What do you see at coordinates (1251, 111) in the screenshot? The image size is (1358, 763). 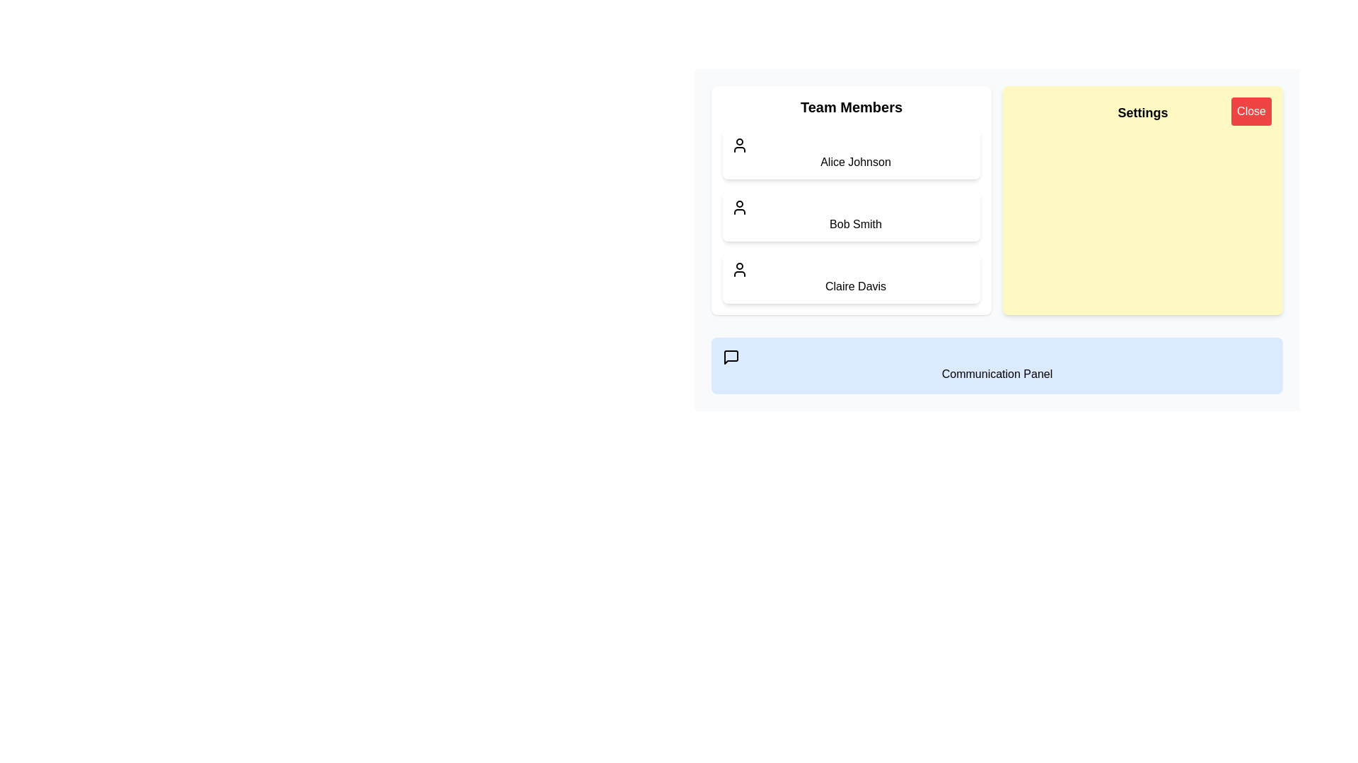 I see `the 'Close' button located in the top-right corner of the yellow 'Settings' panel` at bounding box center [1251, 111].